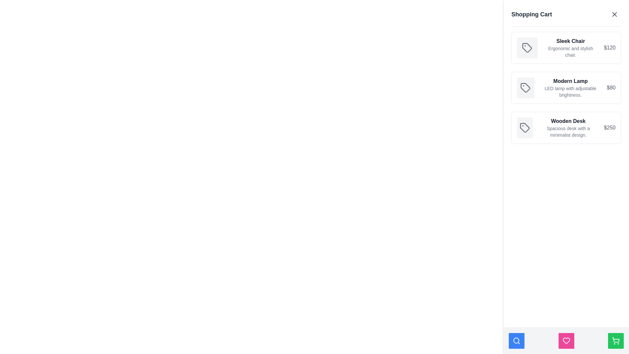 This screenshot has height=354, width=629. What do you see at coordinates (616, 340) in the screenshot?
I see `the main body of the shopping cart icon located in the bottom-right corner of the interface` at bounding box center [616, 340].